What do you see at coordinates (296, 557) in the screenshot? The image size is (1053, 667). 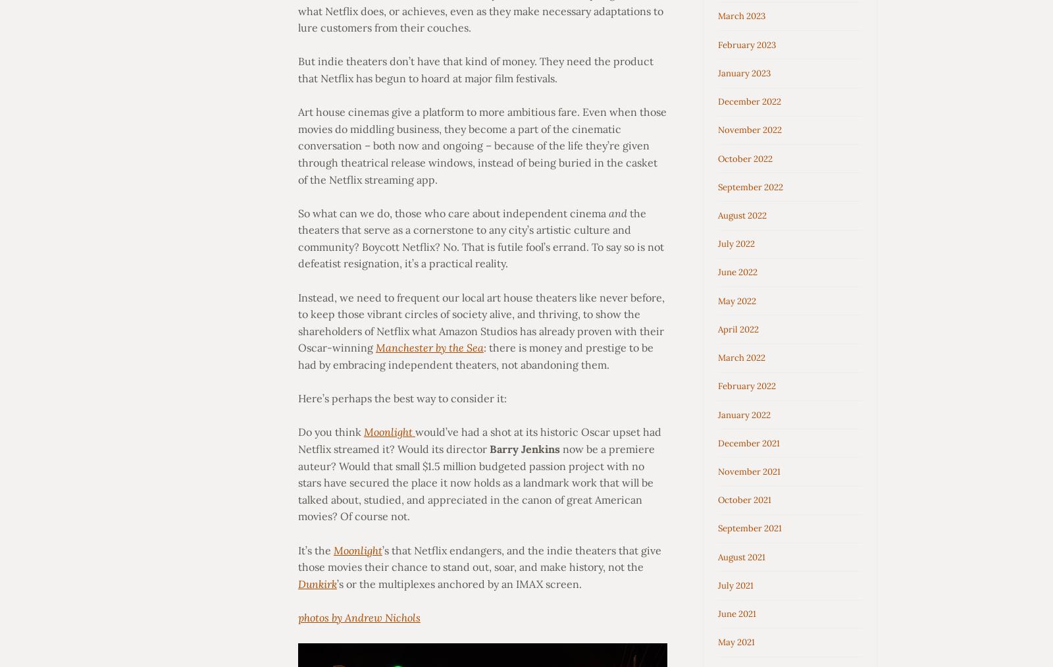 I see `'’s that Netflix endangers, and the indie theaters that give those movies their chance to stand out, soar, and make history, not the'` at bounding box center [296, 557].